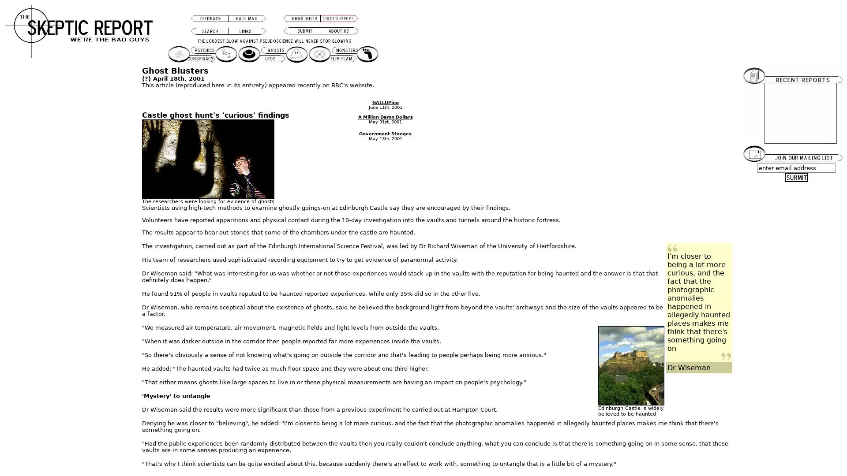 The height and width of the screenshot is (476, 847). What do you see at coordinates (796, 177) in the screenshot?
I see `Click here to join skepticreport` at bounding box center [796, 177].